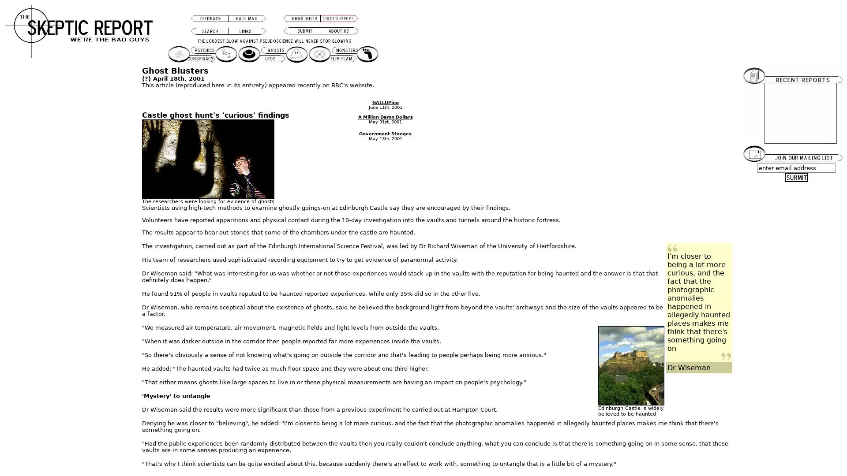 The height and width of the screenshot is (476, 847). What do you see at coordinates (796, 177) in the screenshot?
I see `Click here to join skepticreport` at bounding box center [796, 177].